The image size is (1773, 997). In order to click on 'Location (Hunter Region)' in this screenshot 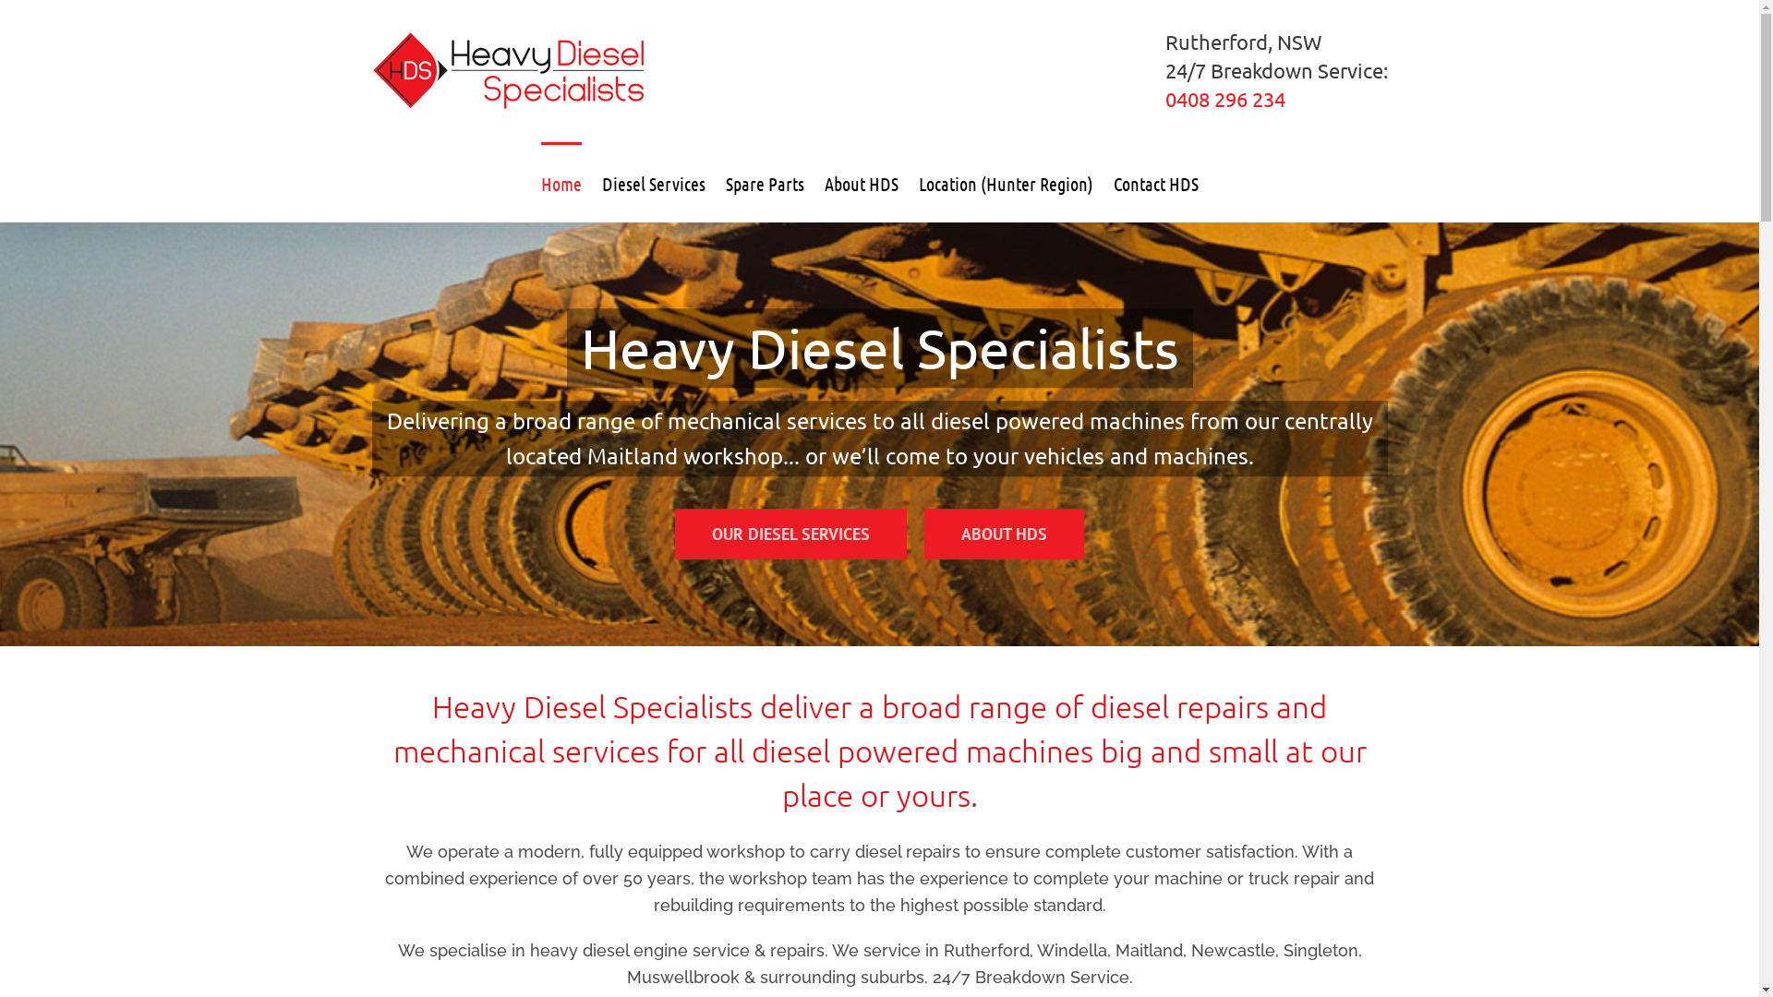, I will do `click(1004, 181)`.